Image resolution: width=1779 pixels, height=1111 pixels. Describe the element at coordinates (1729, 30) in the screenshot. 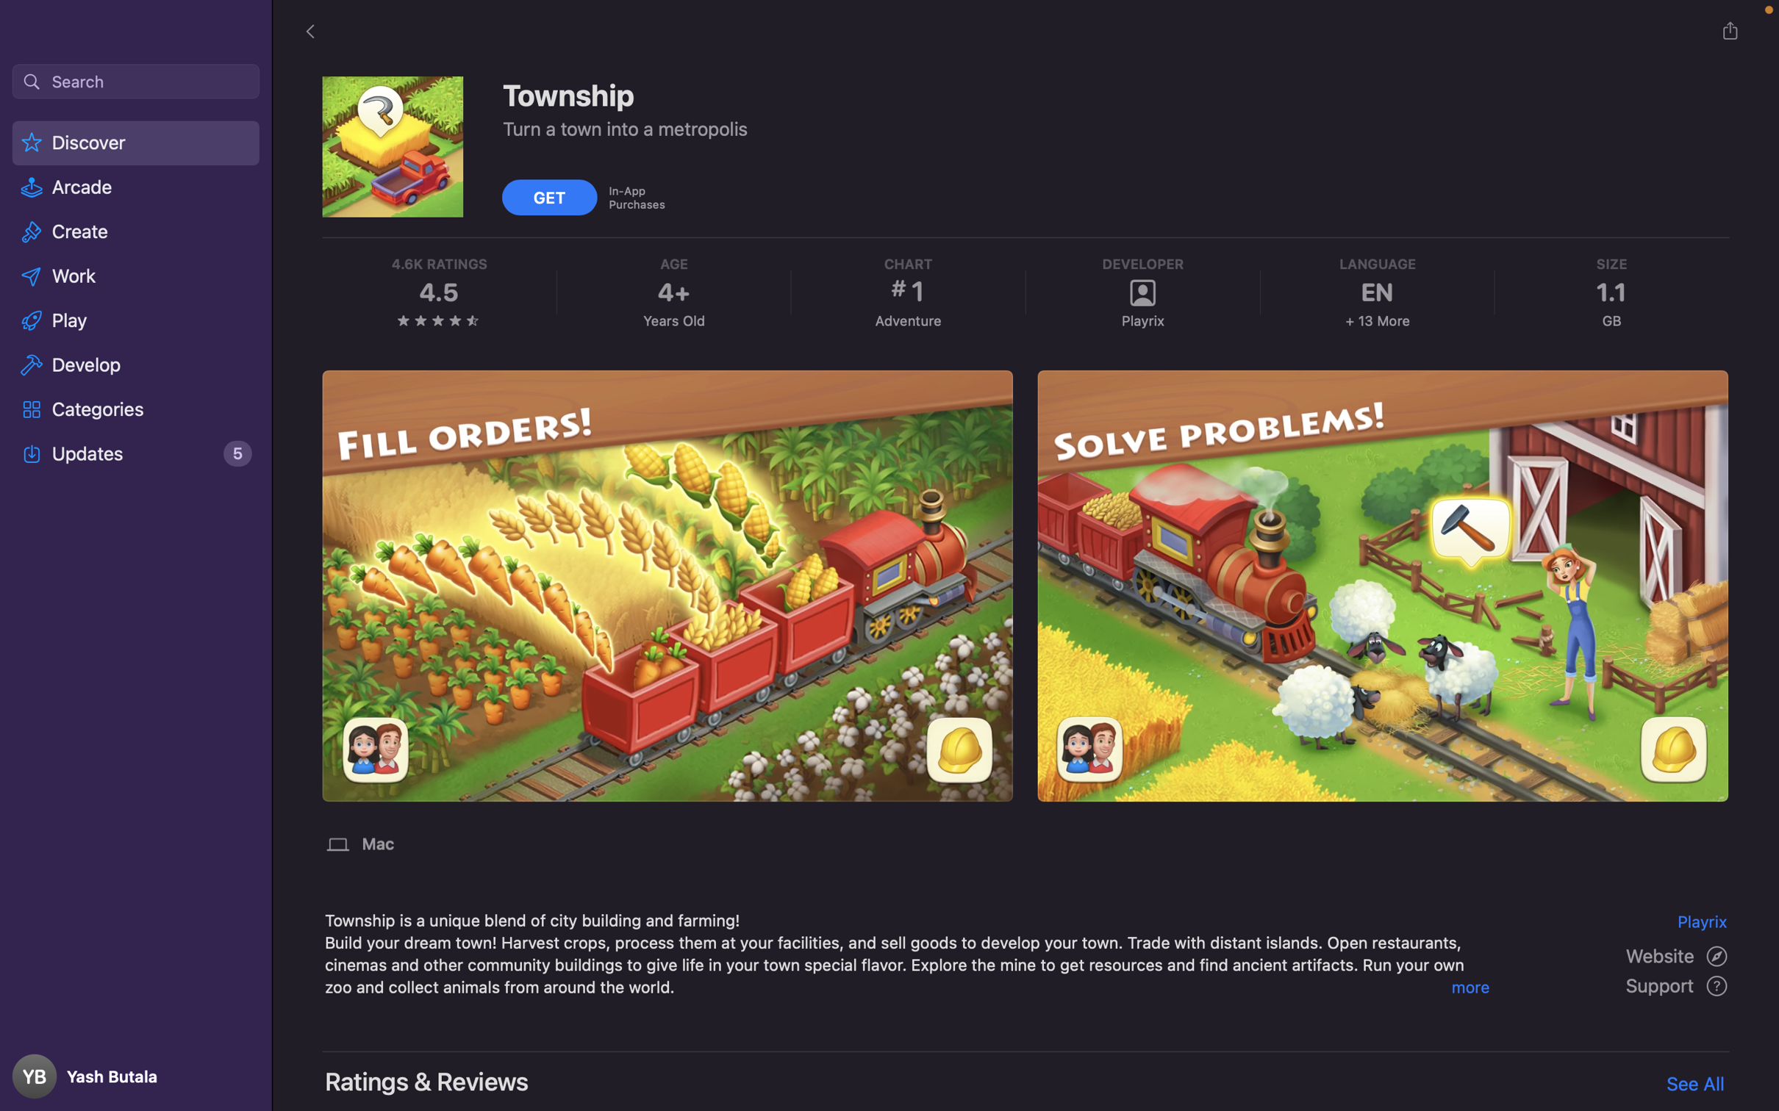

I see `To share the application on Facebook, click on the "share" button and select the "Facebook" platform` at that location.